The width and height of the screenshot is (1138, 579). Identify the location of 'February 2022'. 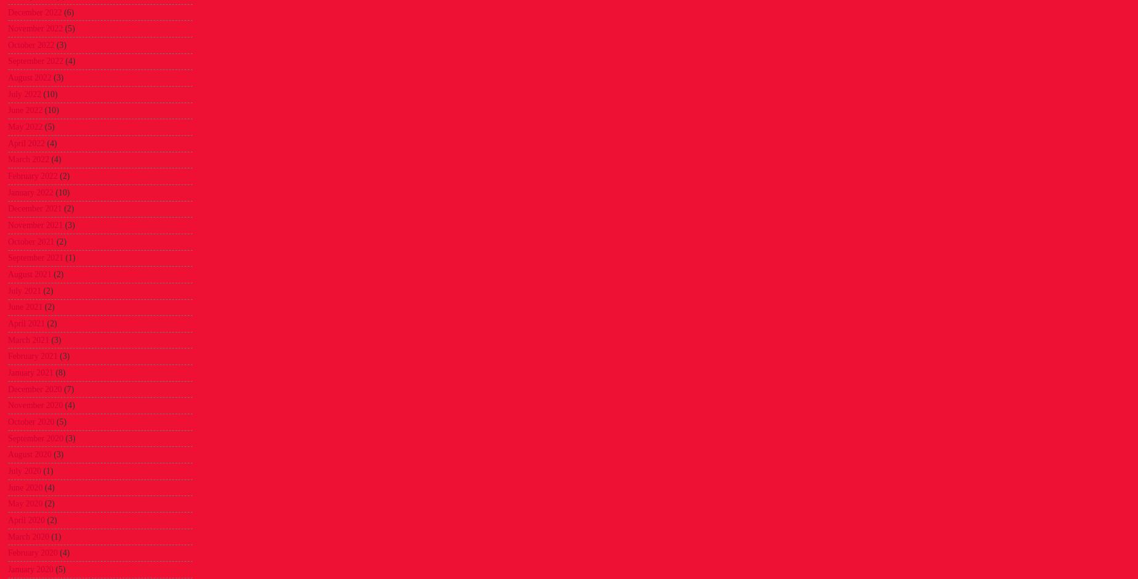
(31, 176).